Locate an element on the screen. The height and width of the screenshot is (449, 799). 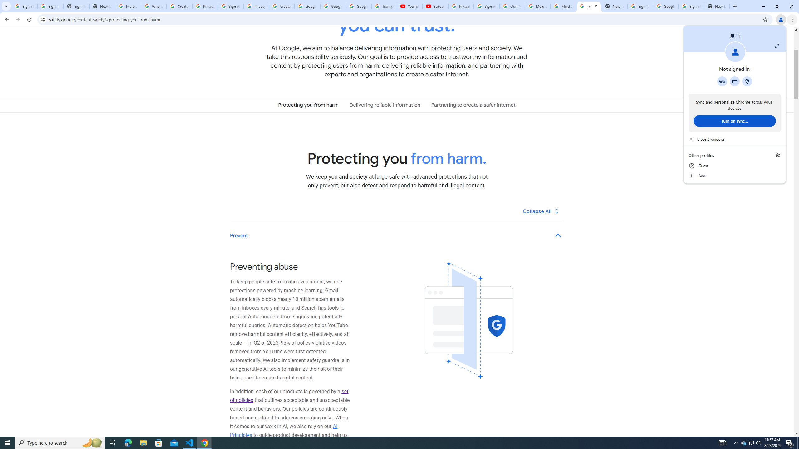
'Guest' is located at coordinates (734, 166).